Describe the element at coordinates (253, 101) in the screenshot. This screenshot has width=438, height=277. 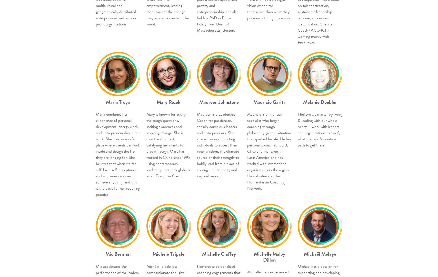
I see `'Mauricio Garita'` at that location.